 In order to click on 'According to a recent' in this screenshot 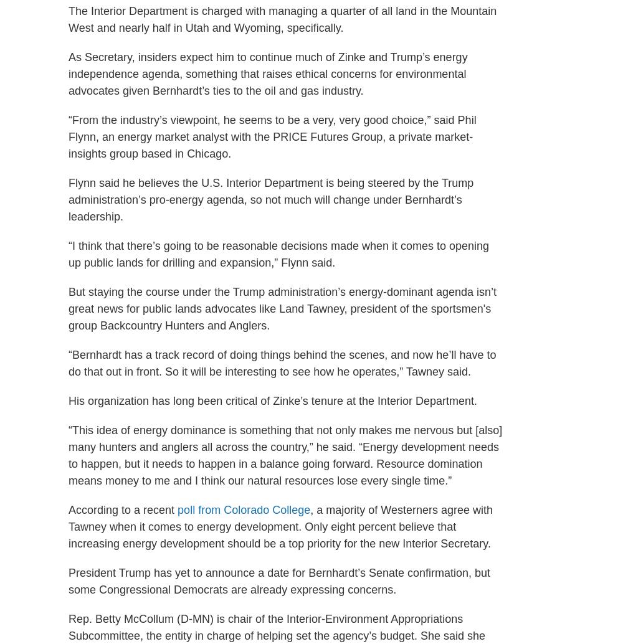, I will do `click(122, 508)`.